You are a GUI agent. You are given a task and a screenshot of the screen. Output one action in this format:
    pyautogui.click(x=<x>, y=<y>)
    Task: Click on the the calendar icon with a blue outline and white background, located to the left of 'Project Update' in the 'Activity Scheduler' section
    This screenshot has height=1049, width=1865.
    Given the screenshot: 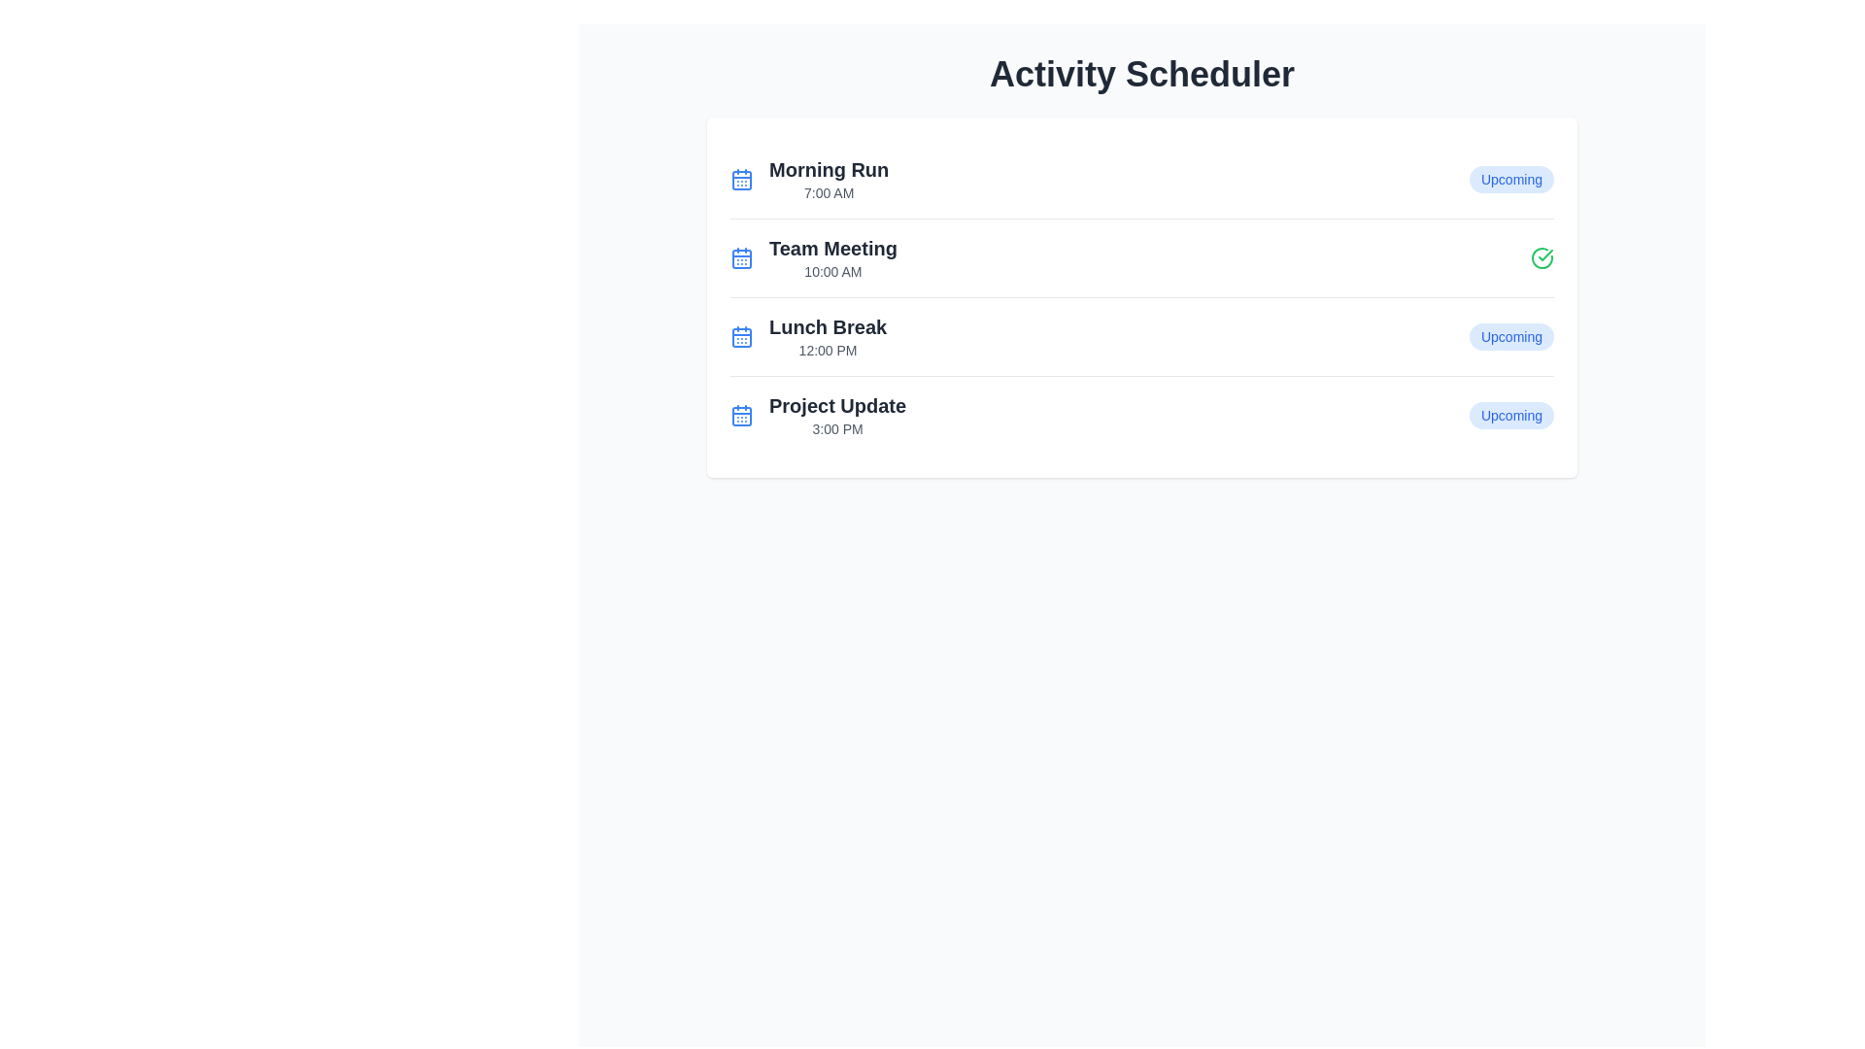 What is the action you would take?
    pyautogui.click(x=740, y=415)
    